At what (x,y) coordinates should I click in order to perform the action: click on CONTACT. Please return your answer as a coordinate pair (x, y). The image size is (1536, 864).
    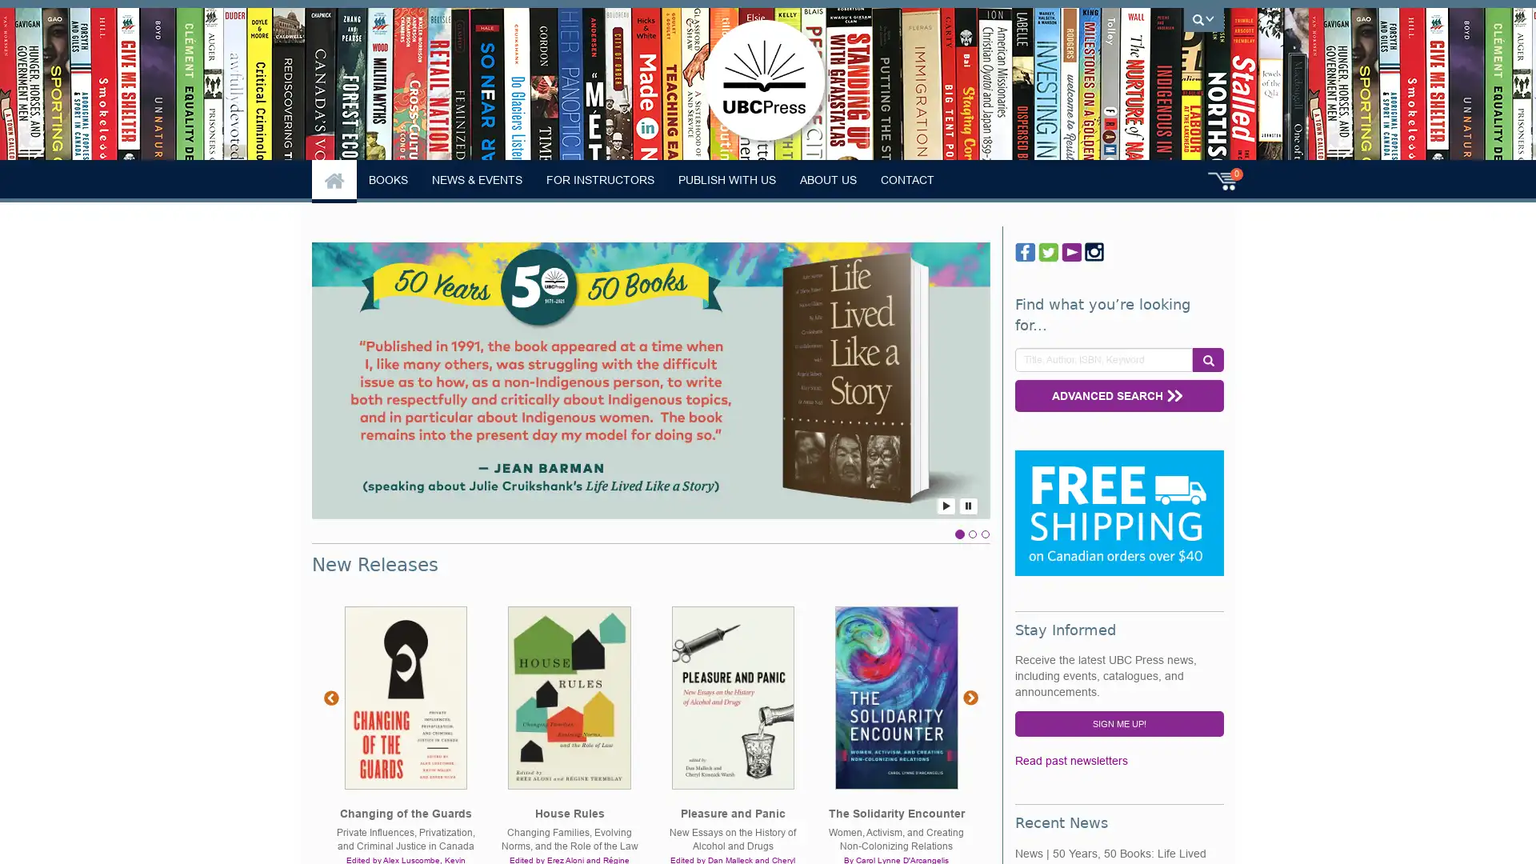
    Looking at the image, I should click on (907, 179).